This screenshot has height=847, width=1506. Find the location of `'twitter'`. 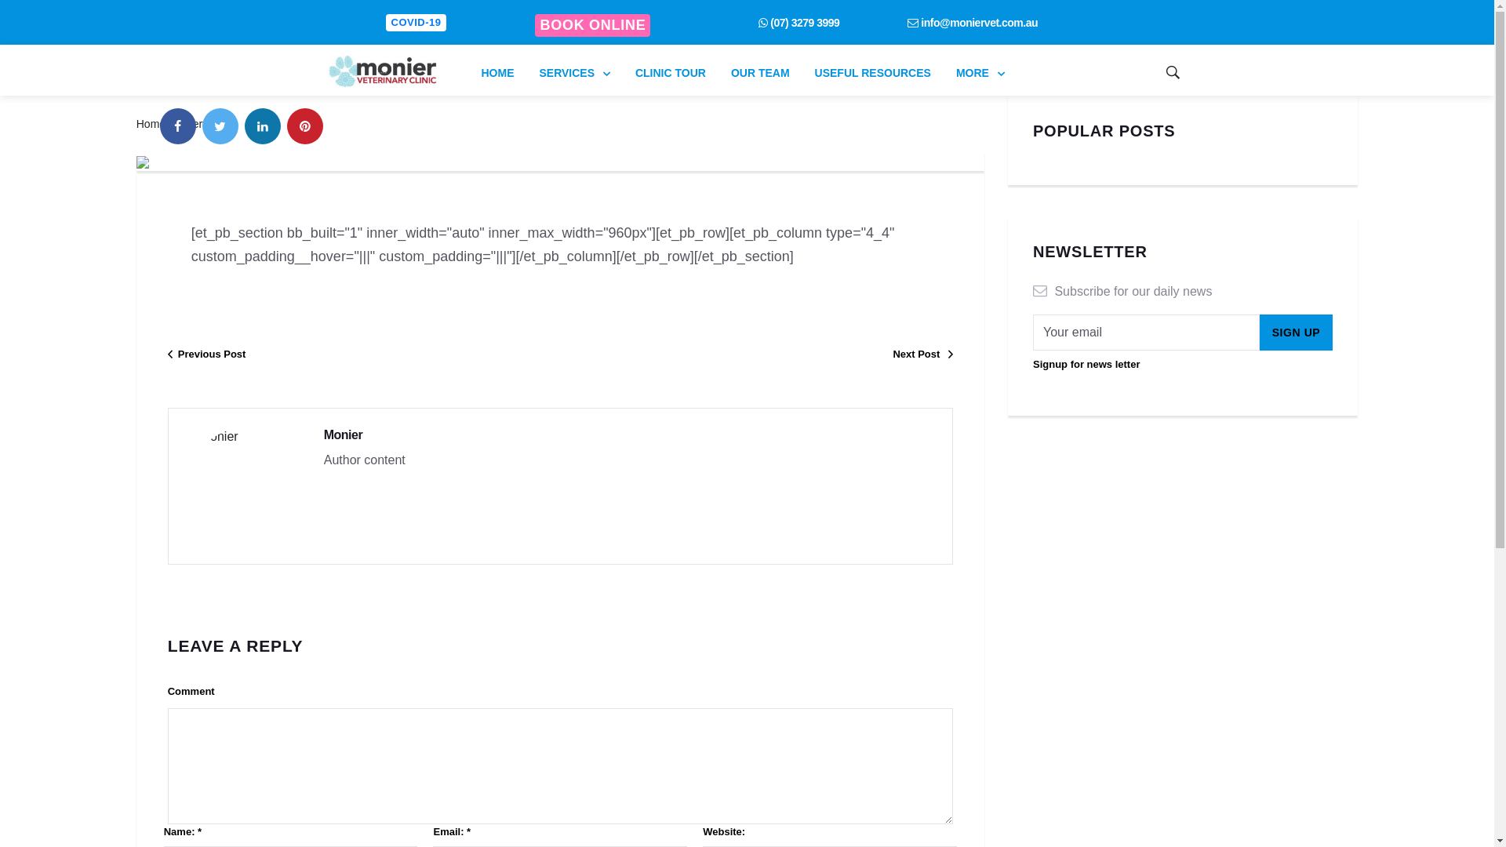

'twitter' is located at coordinates (220, 125).